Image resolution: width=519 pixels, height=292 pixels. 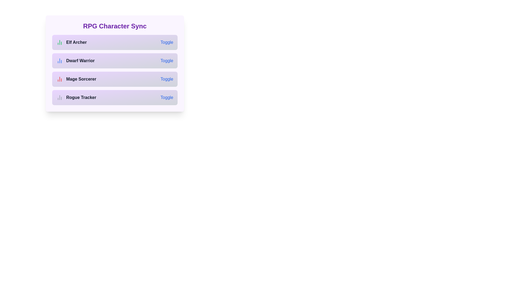 What do you see at coordinates (76, 42) in the screenshot?
I see `text content displayed in the Text Label titled 'Elf Archer', located to the right of a green icon within a light purple card interface` at bounding box center [76, 42].